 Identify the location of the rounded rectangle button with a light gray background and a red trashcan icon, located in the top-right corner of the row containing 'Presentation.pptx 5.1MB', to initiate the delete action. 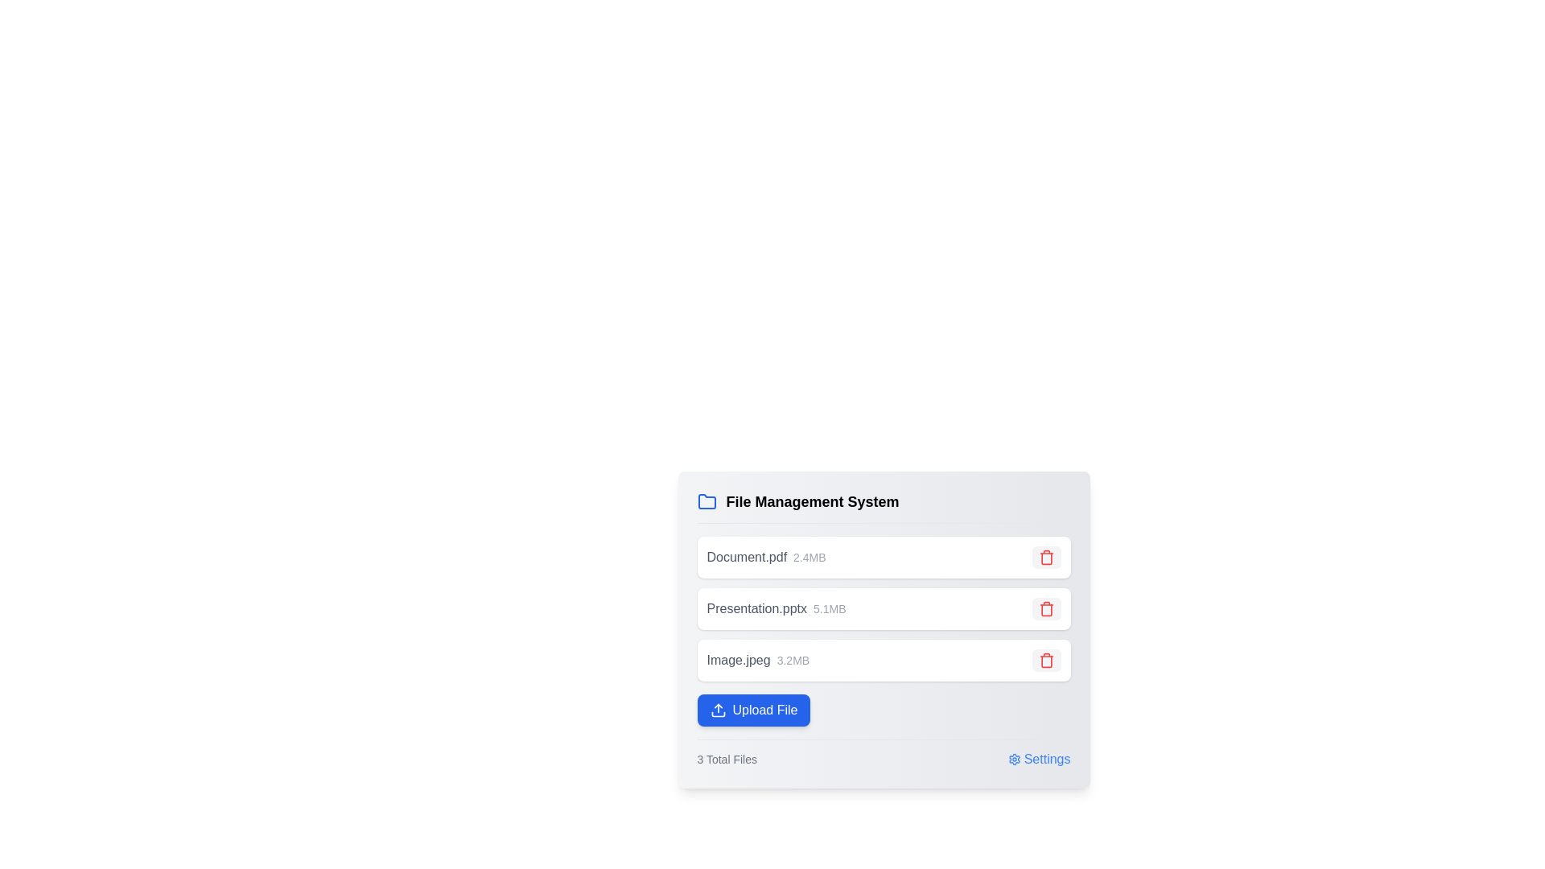
(1046, 608).